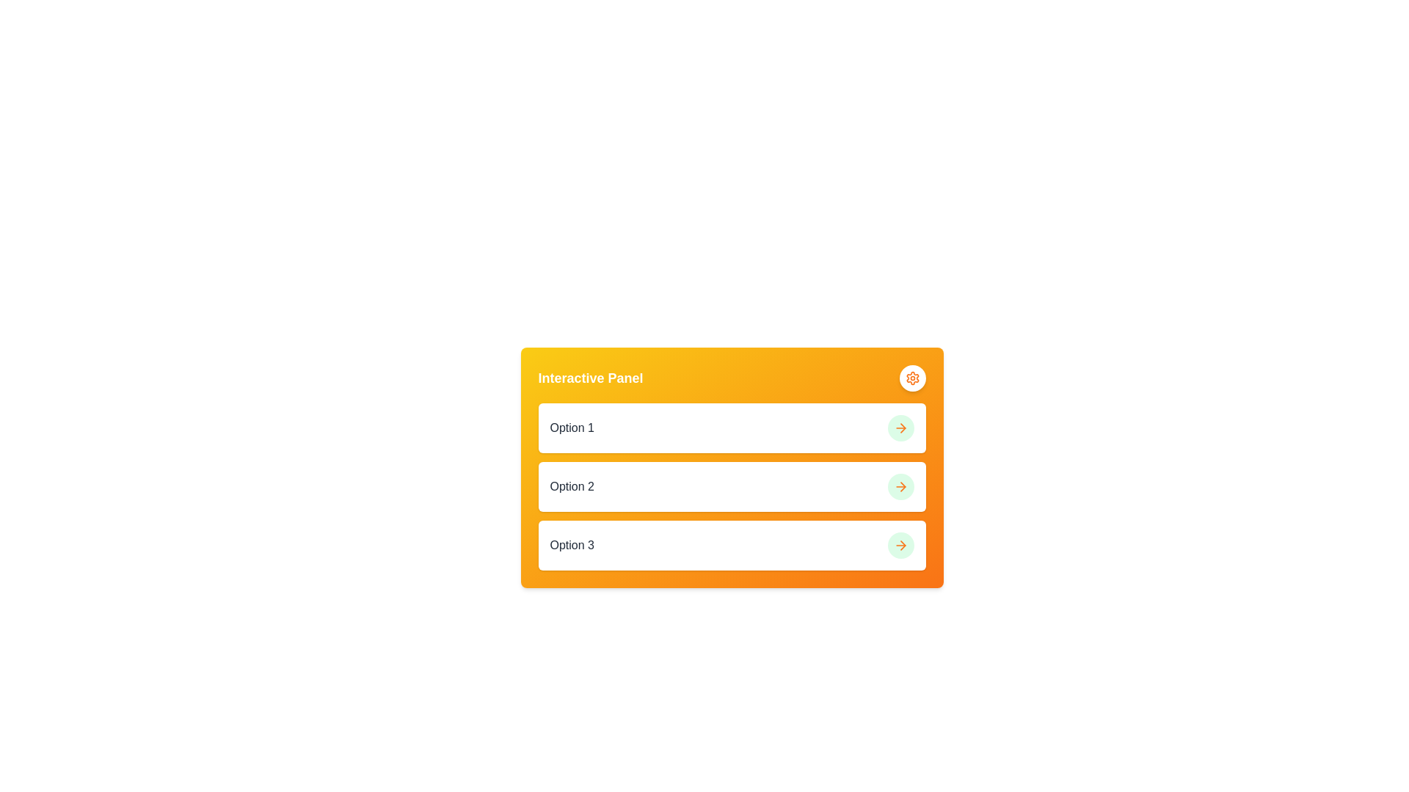  I want to click on the rightward arrow icon button, which is the third icon from the top in a vertical list, located in a light green circular background, so click(900, 546).